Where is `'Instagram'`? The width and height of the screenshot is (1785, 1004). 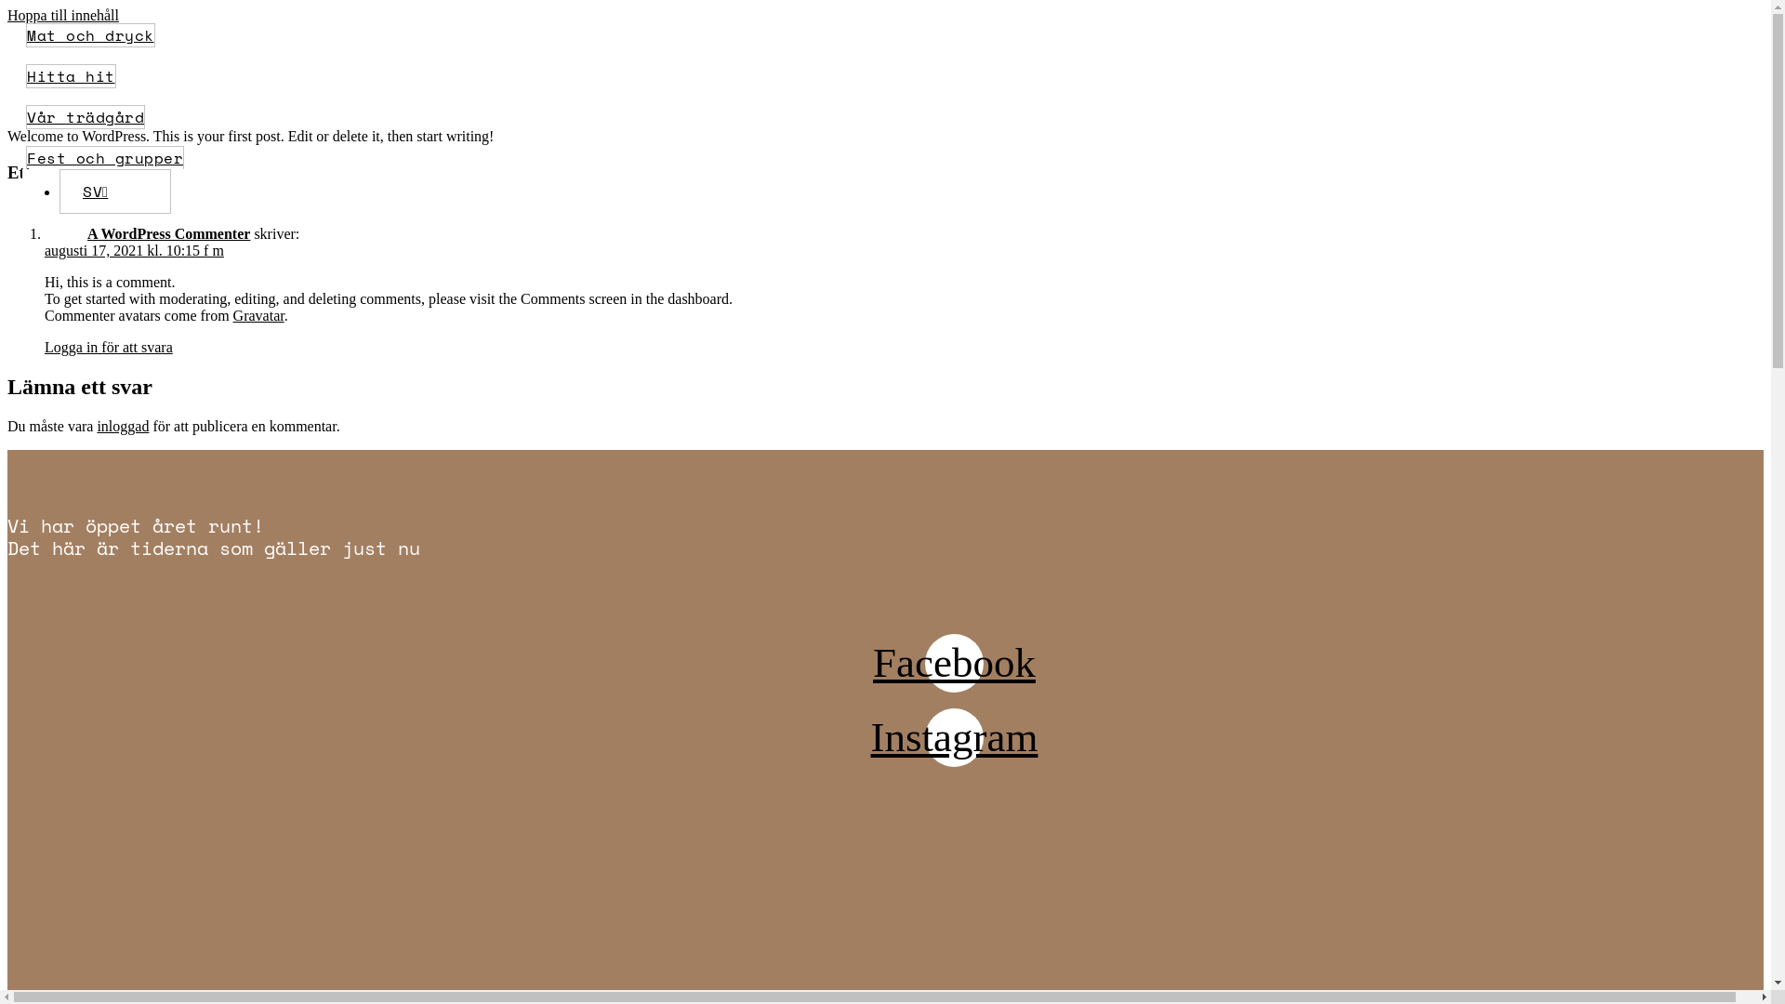 'Instagram' is located at coordinates (954, 736).